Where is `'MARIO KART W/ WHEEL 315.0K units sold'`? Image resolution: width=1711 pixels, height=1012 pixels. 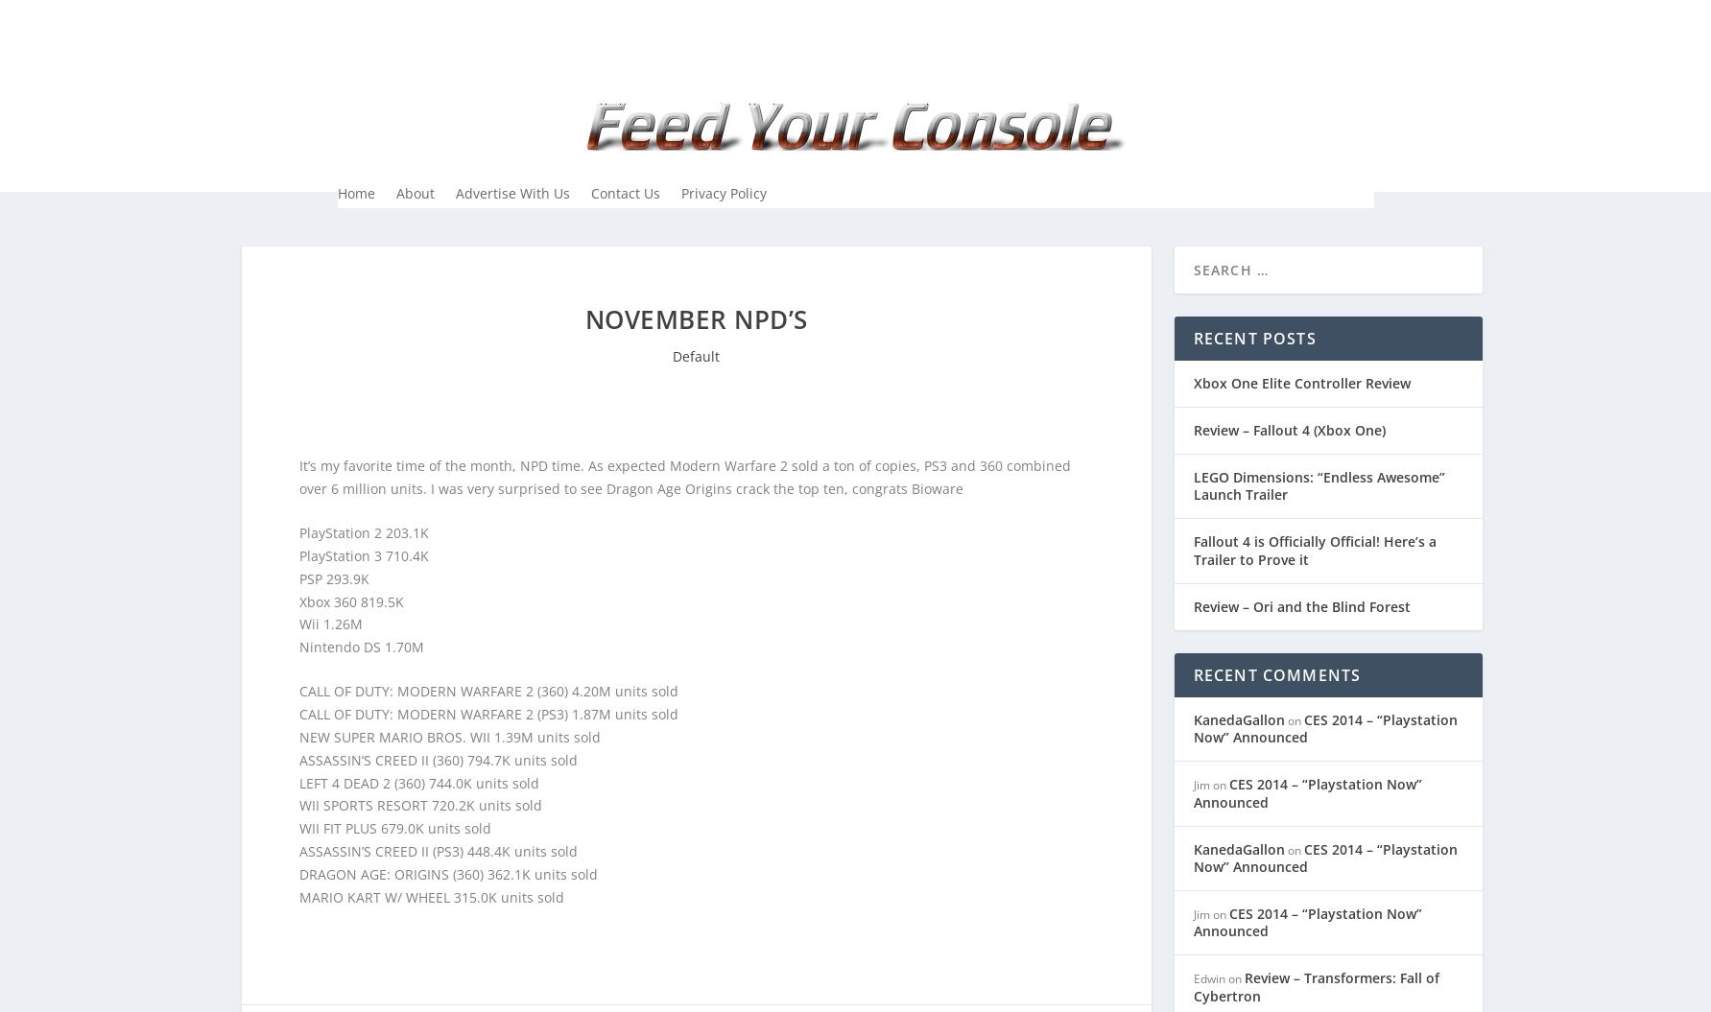
'MARIO KART W/ WHEEL 315.0K units sold' is located at coordinates (430, 895).